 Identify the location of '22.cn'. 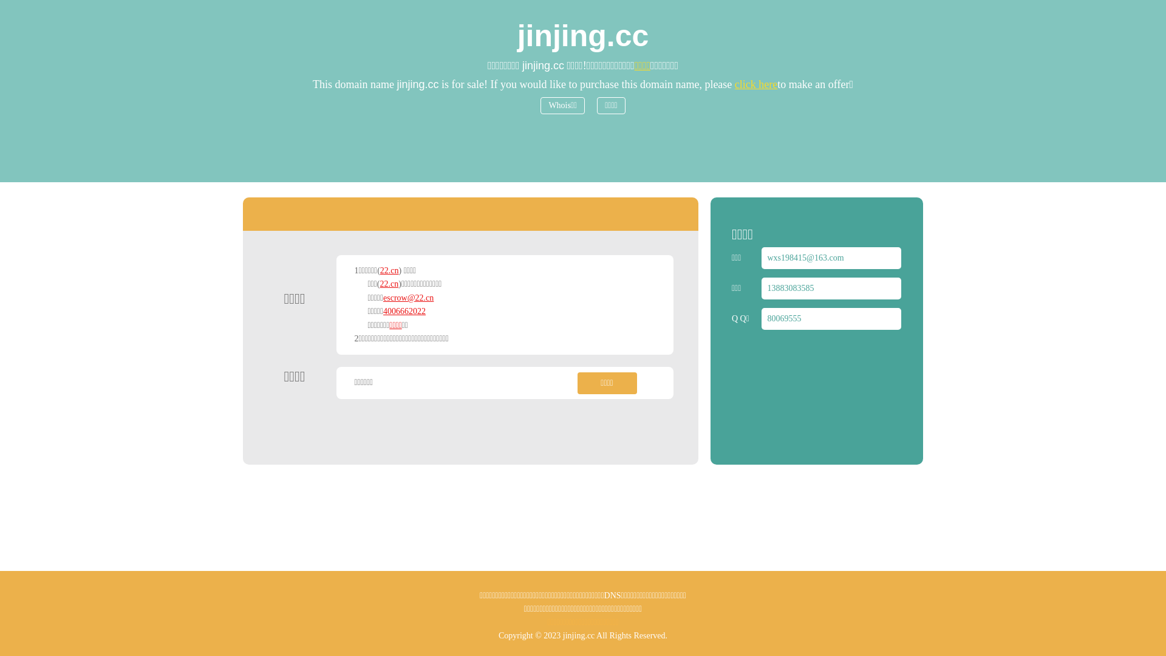
(379, 284).